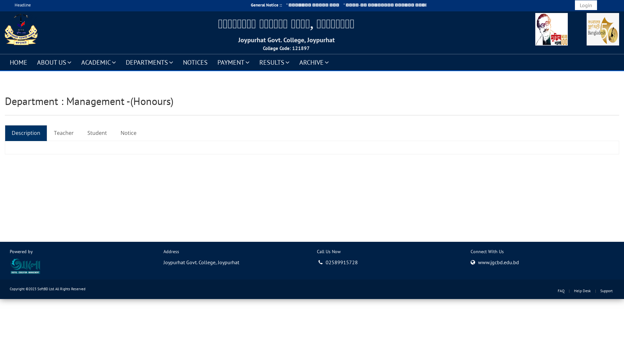 The width and height of the screenshot is (624, 351). Describe the element at coordinates (5, 133) in the screenshot. I see `'Description'` at that location.